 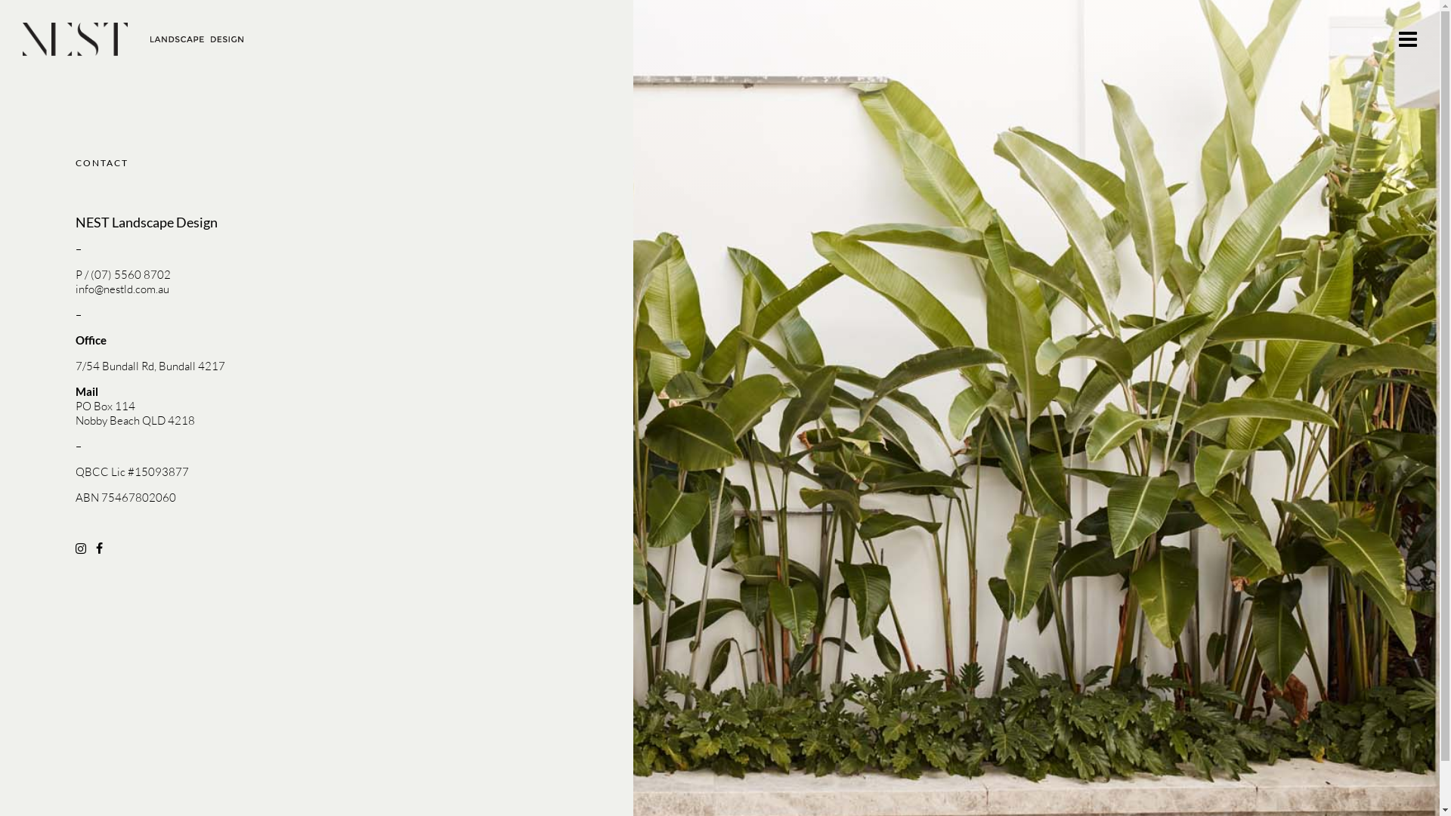 I want to click on 'info@nestld.com.au', so click(x=122, y=289).